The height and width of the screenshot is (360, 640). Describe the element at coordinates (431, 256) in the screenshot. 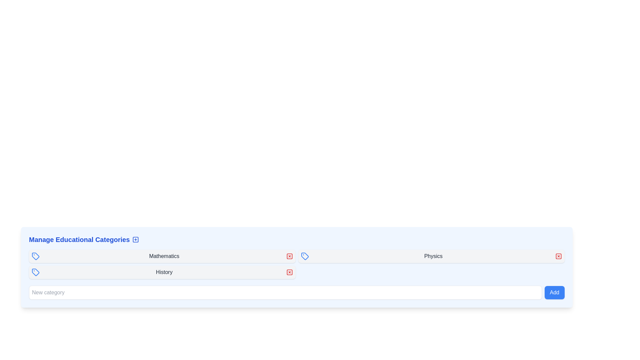

I see `the 'Physics' category list item` at that location.